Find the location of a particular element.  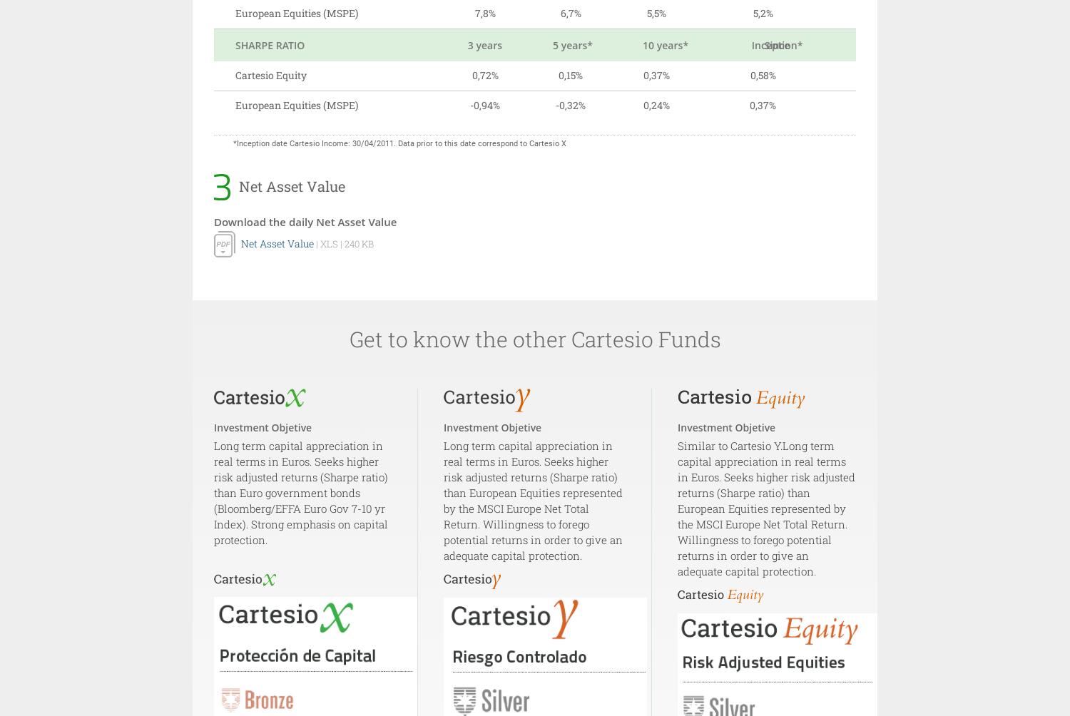

'5 years*' is located at coordinates (553, 45).